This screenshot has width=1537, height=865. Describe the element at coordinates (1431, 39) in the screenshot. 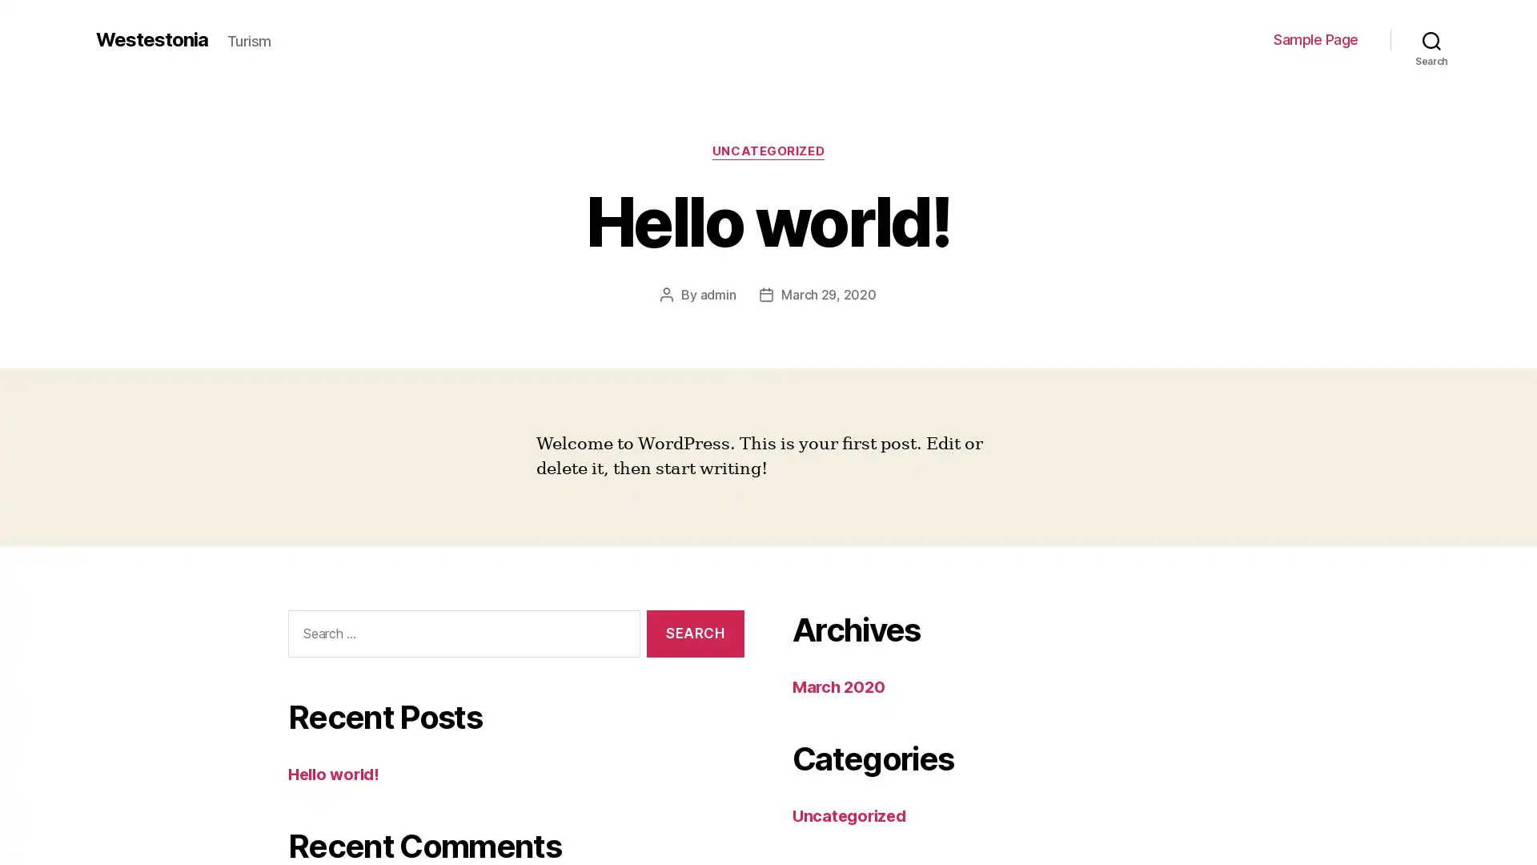

I see `Search` at that location.